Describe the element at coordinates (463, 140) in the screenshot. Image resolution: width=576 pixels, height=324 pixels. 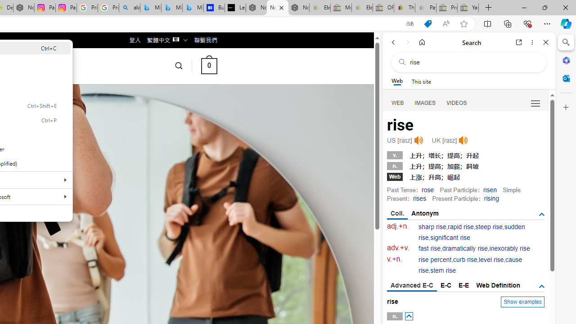
I see `'Click to listen'` at that location.